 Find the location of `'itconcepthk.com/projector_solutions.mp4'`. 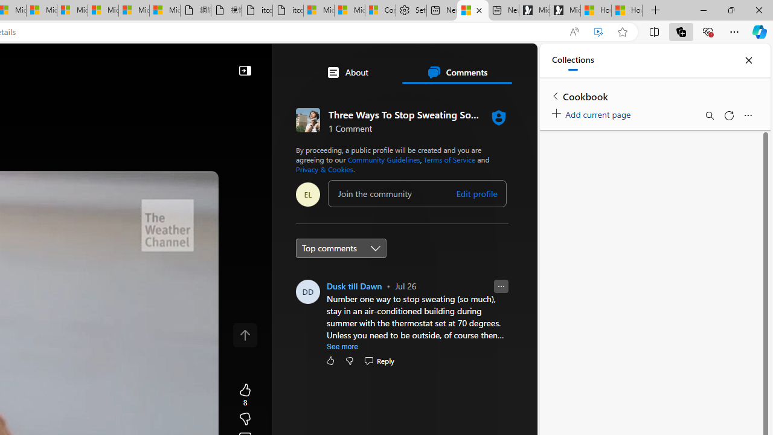

'itconcepthk.com/projector_solutions.mp4' is located at coordinates (287, 10).